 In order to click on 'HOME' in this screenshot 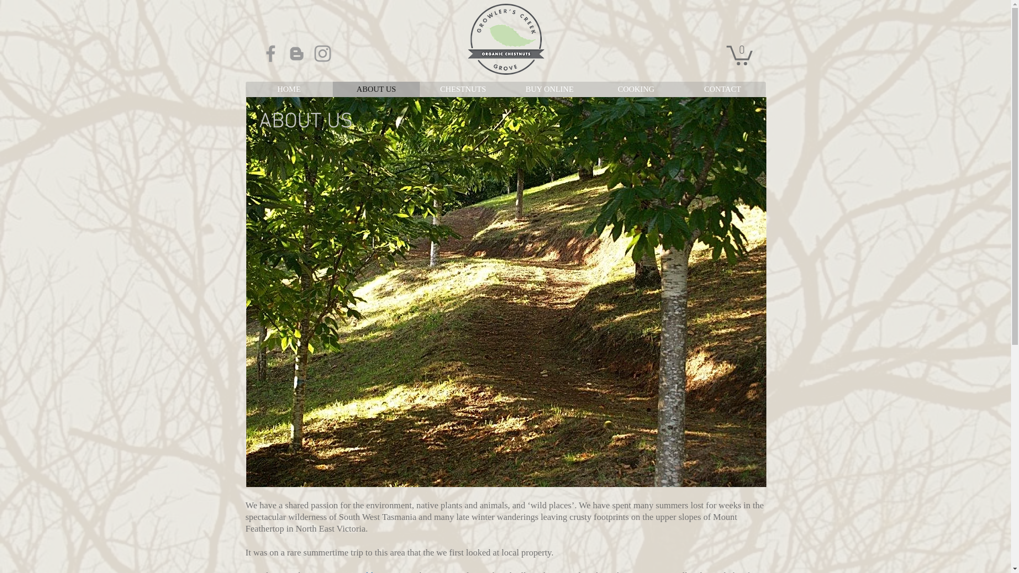, I will do `click(288, 89)`.